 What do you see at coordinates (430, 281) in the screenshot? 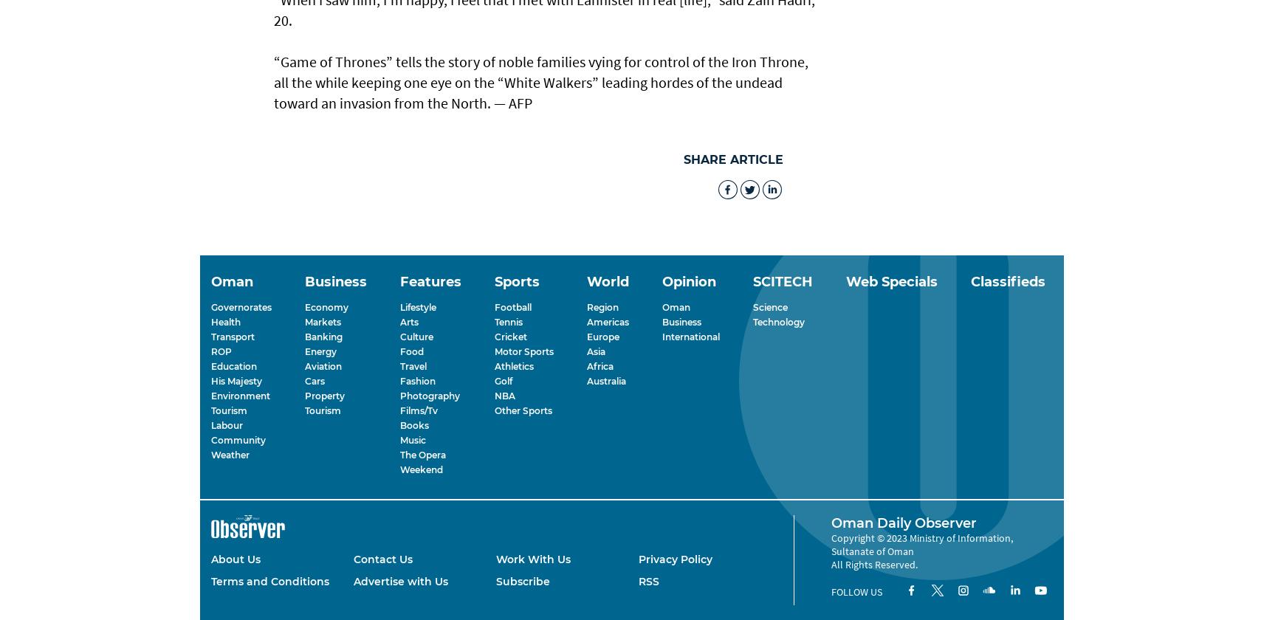
I see `'Features'` at bounding box center [430, 281].